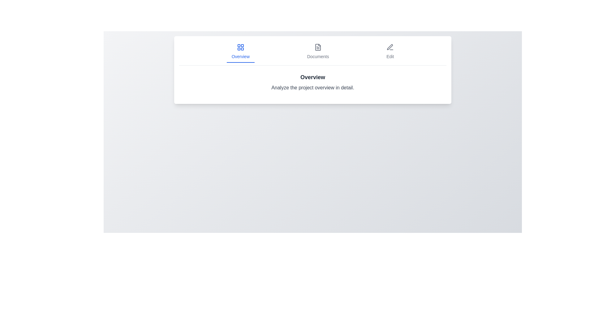 This screenshot has width=594, height=334. I want to click on the Edit tab by clicking on it, so click(390, 52).